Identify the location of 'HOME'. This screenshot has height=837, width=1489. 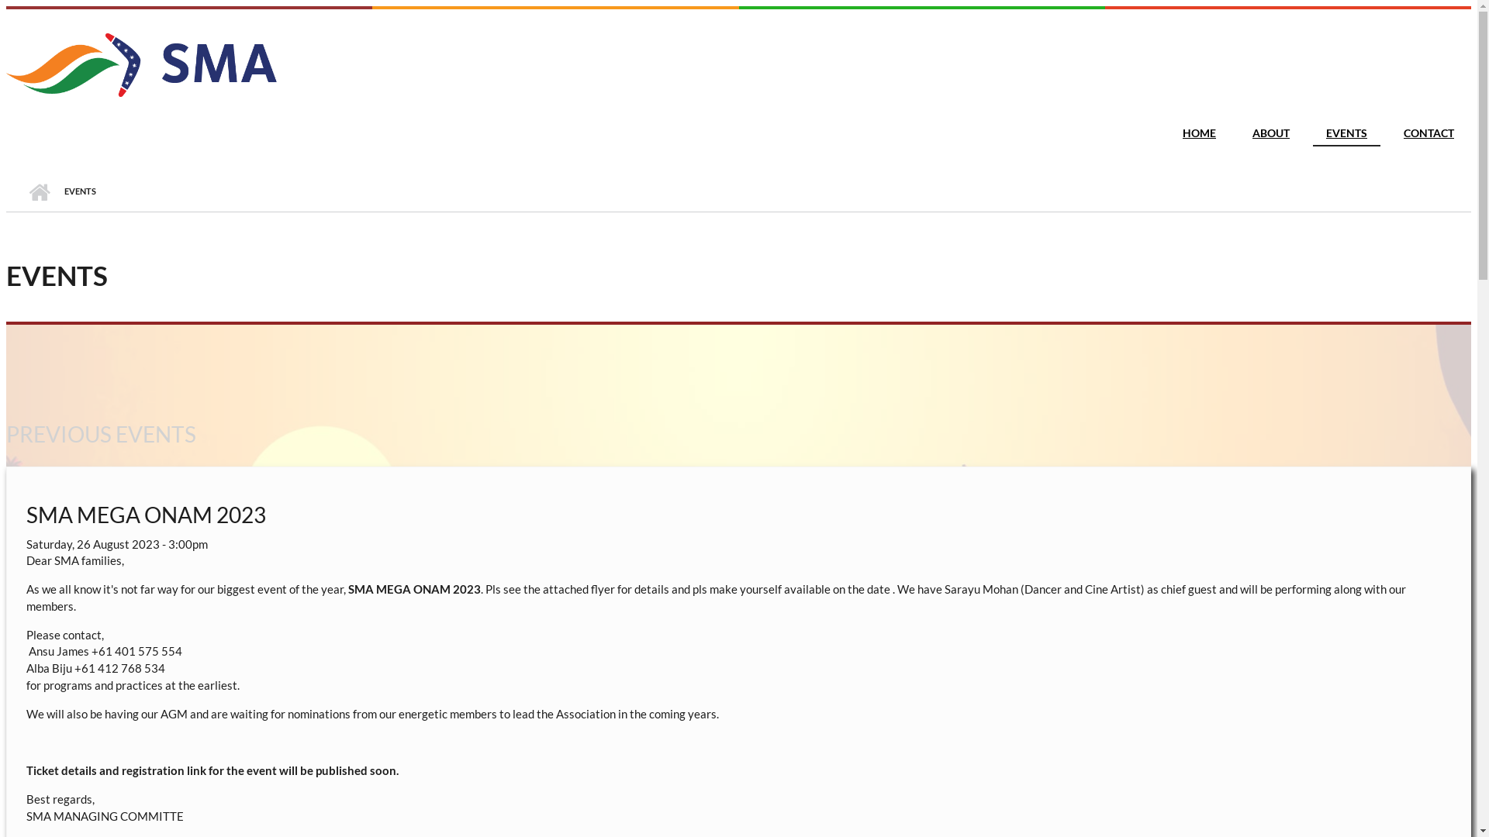
(39, 190).